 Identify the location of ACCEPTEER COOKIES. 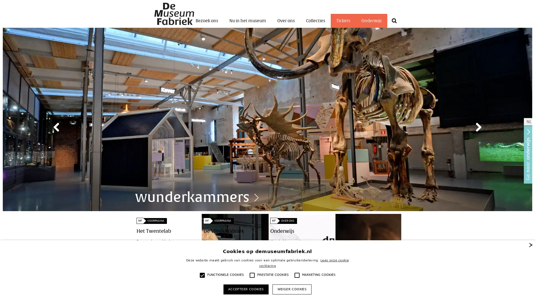
(245, 289).